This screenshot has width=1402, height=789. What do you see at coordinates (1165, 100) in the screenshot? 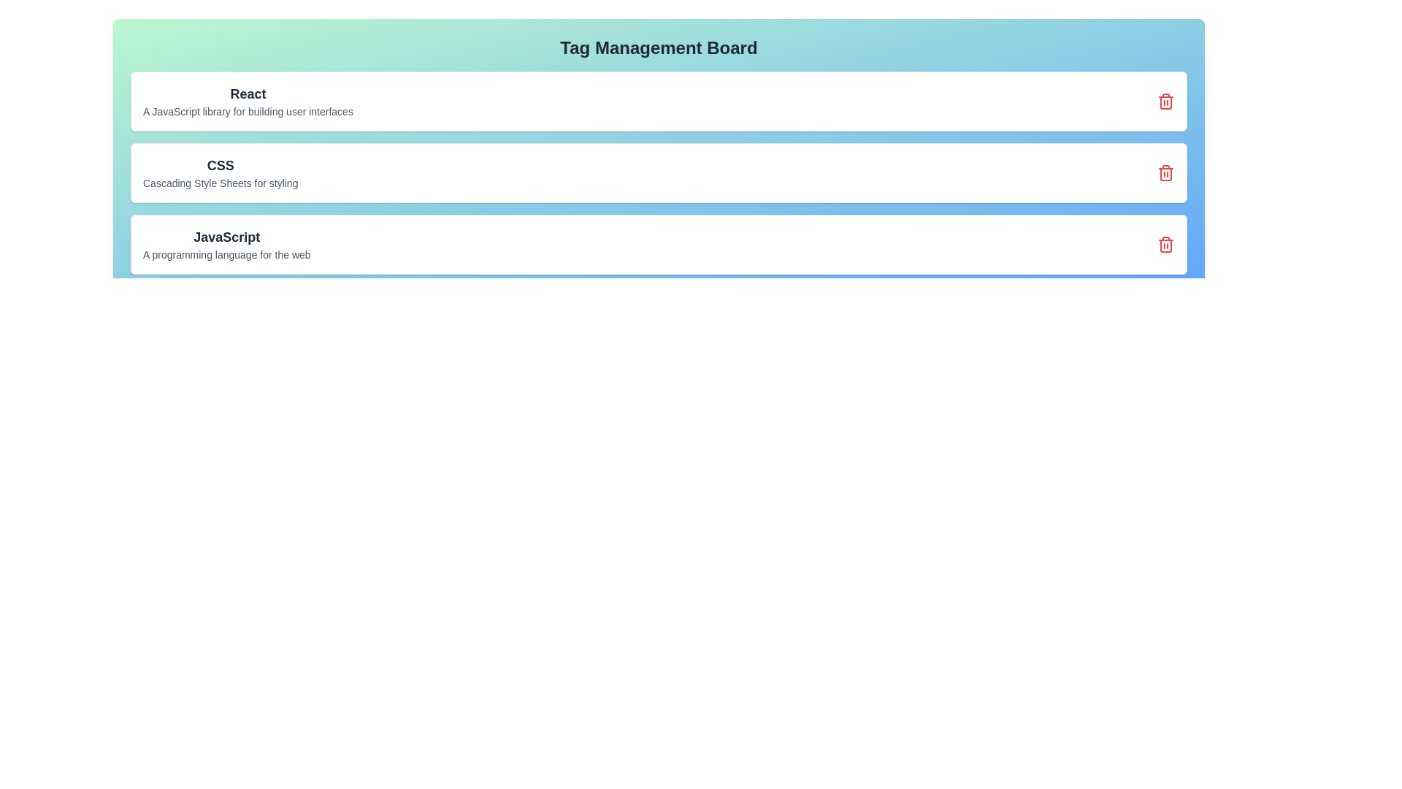
I see `delete button corresponding to the tag React to remove it` at bounding box center [1165, 100].